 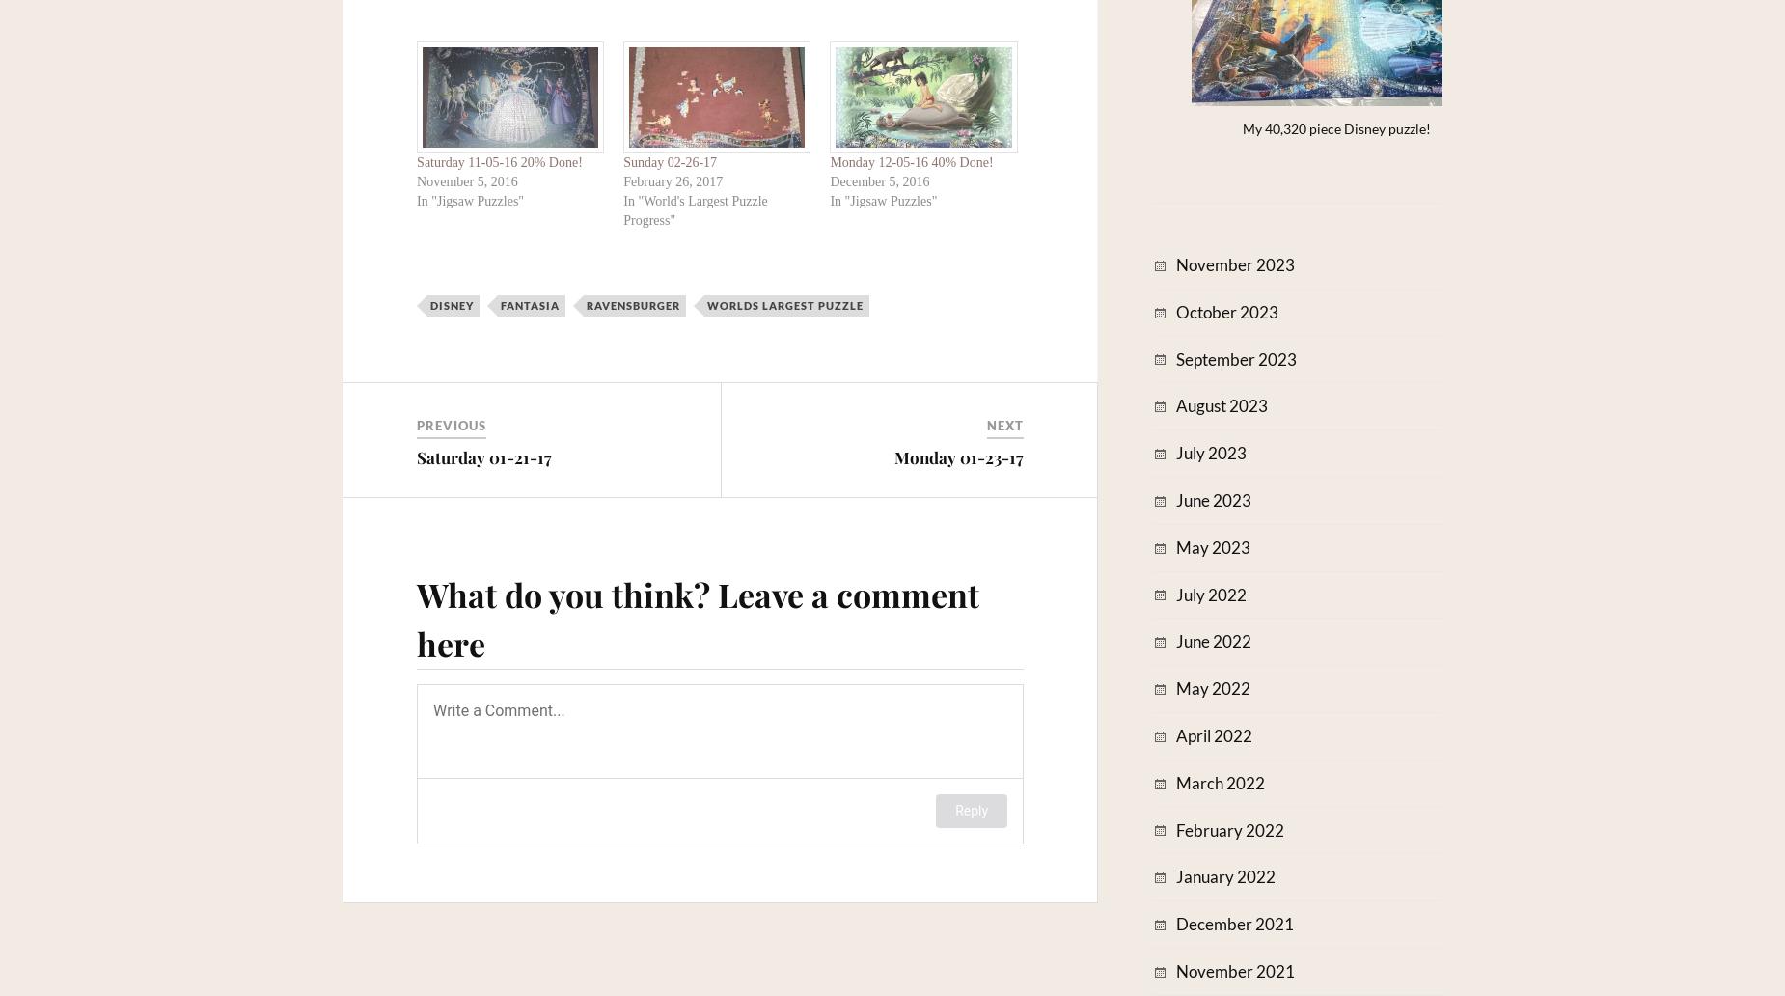 I want to click on 'What do you think? Leave a comment here', so click(x=698, y=619).